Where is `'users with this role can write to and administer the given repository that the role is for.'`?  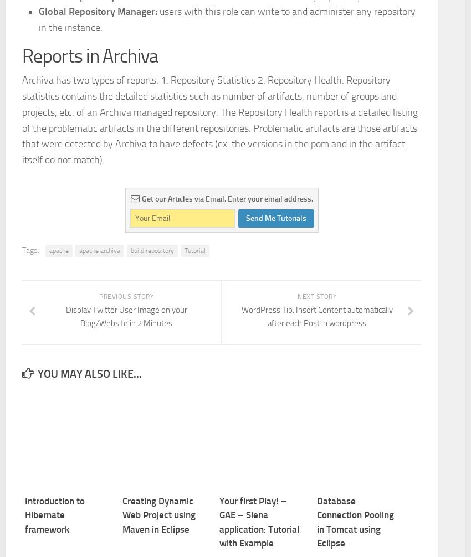
'users with this role can write to and administer the given repository that the role is for.' is located at coordinates (224, 126).